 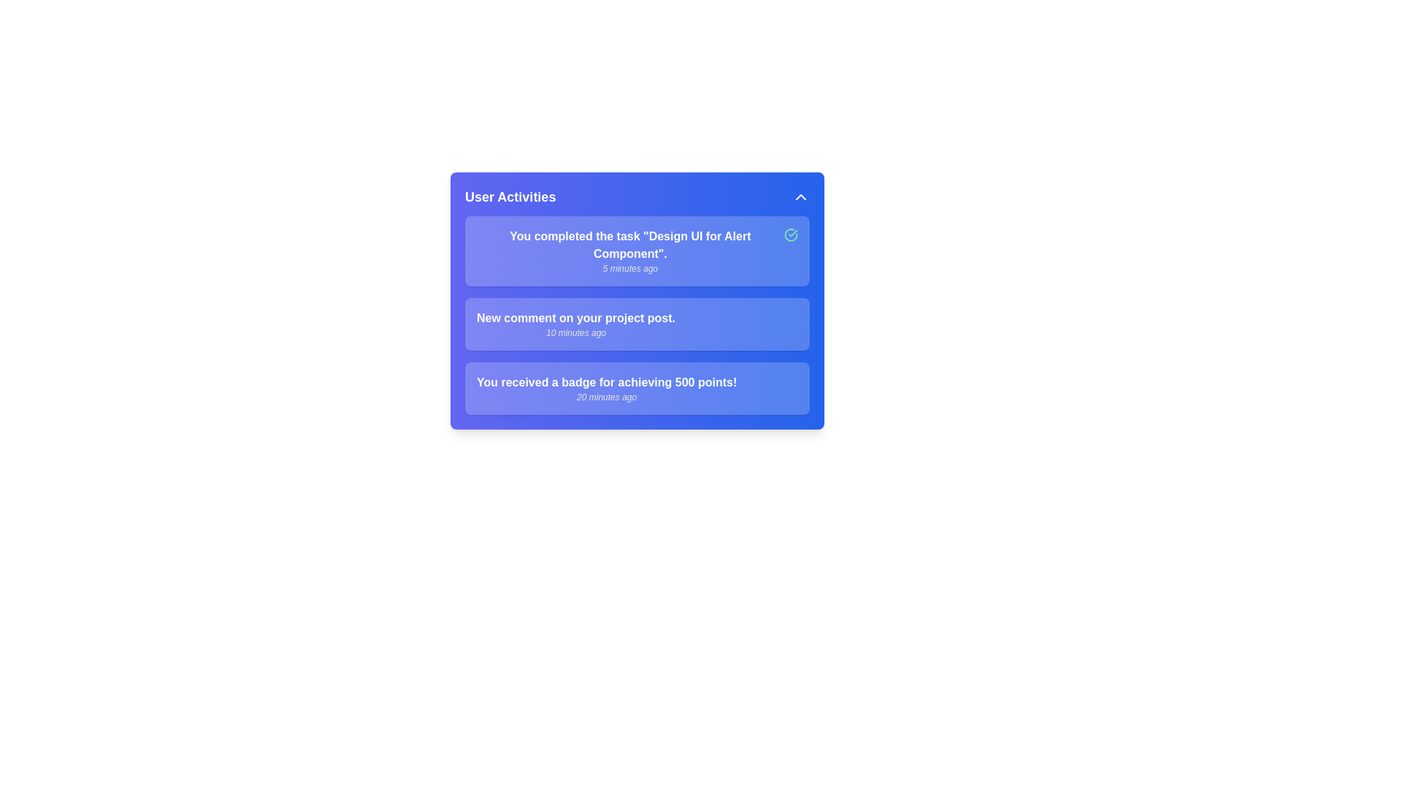 What do you see at coordinates (630, 250) in the screenshot?
I see `information from the text block in the 'User Activities' notification panel that indicates the completion of the task 'Design UI for Alert Component' along with the time elapsed '5 minutes ago'` at bounding box center [630, 250].